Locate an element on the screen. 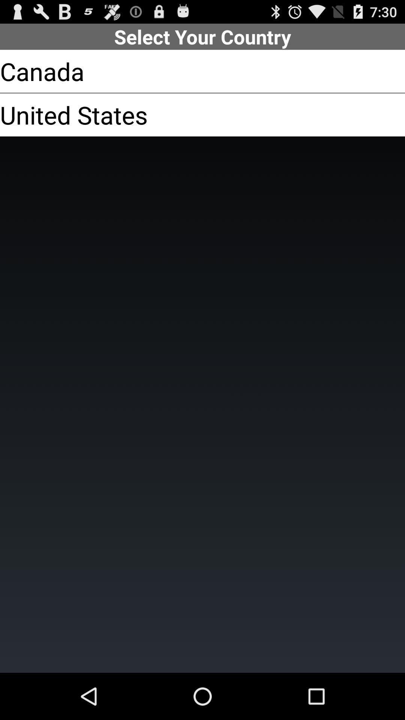  canada app is located at coordinates (42, 71).